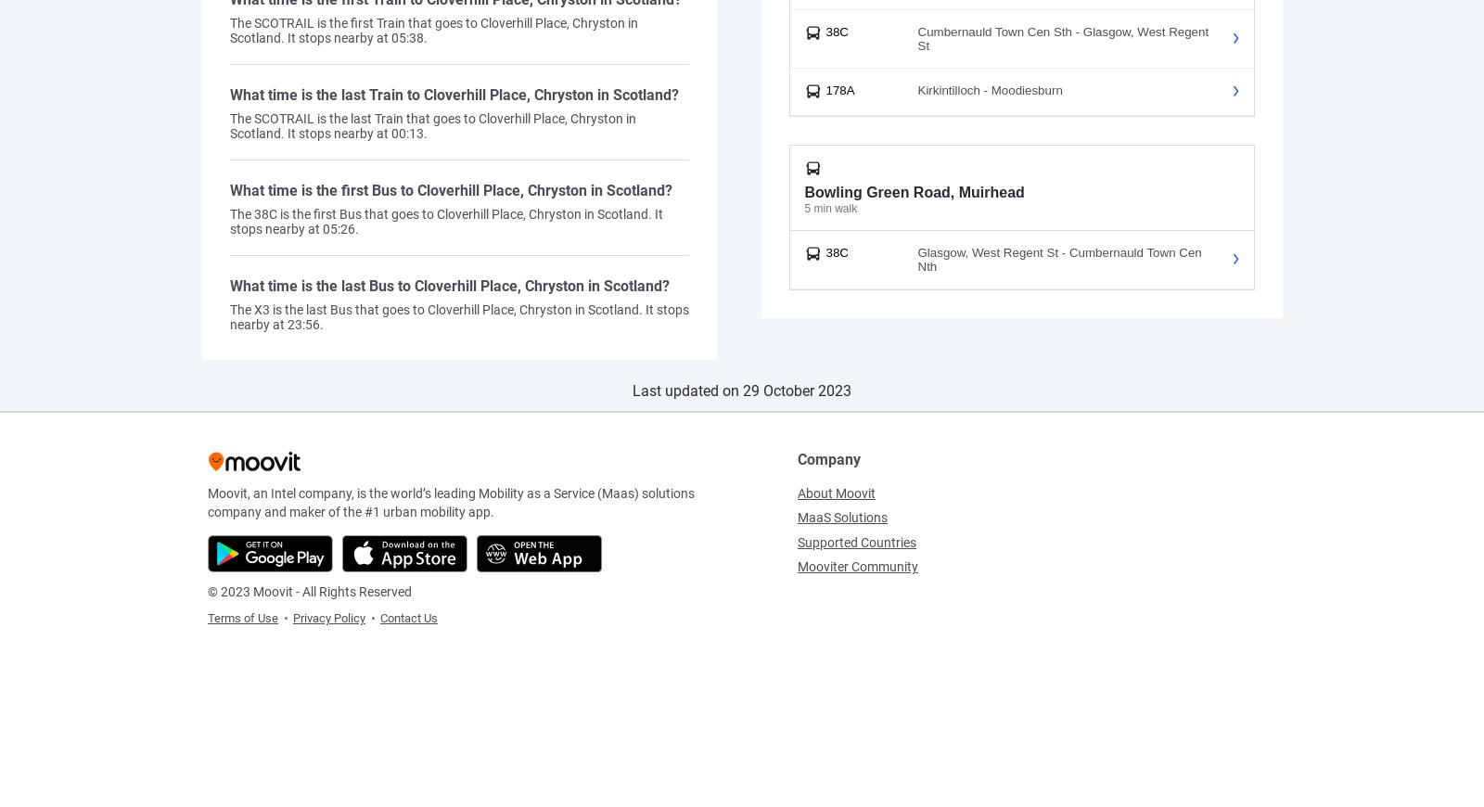  Describe the element at coordinates (856, 541) in the screenshot. I see `'Supported Countries'` at that location.